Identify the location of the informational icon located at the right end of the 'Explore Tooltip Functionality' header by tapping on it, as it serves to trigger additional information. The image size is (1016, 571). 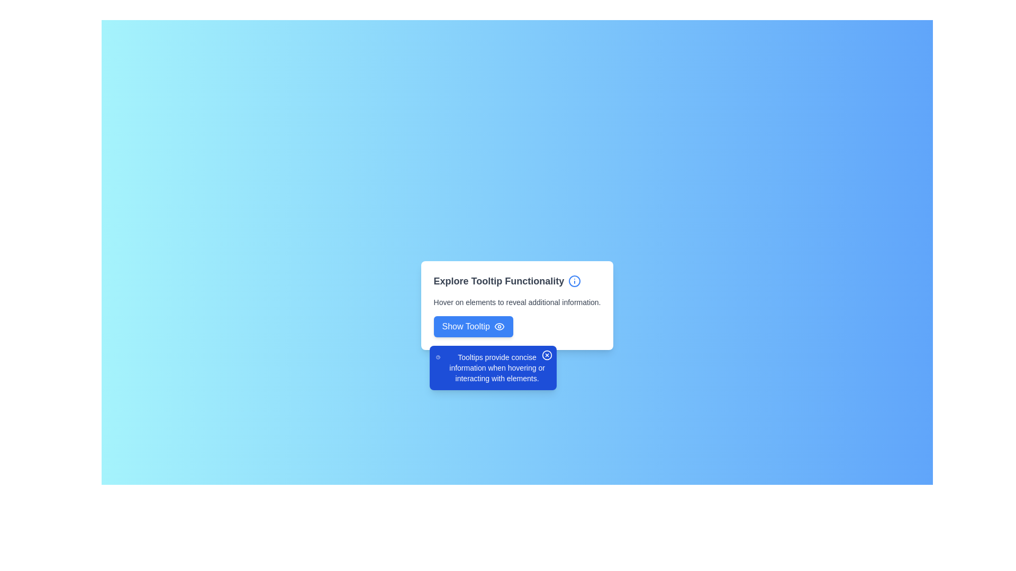
(574, 281).